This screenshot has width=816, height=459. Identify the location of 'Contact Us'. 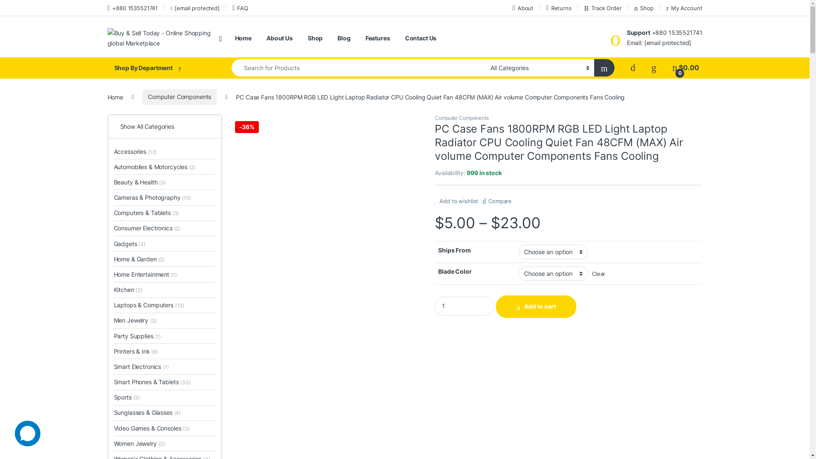
(405, 37).